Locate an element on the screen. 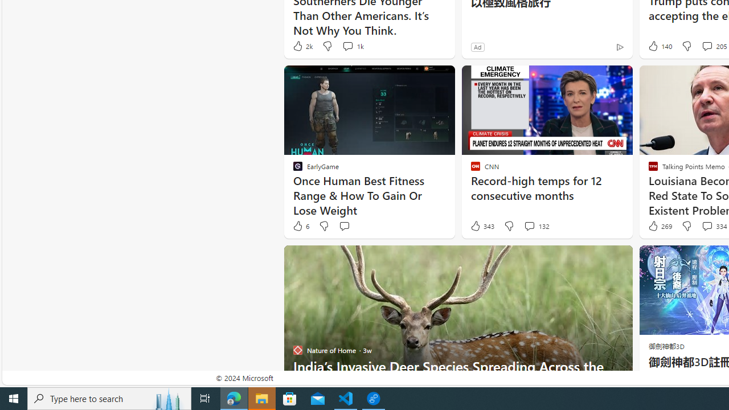  '6 Like' is located at coordinates (300, 226).